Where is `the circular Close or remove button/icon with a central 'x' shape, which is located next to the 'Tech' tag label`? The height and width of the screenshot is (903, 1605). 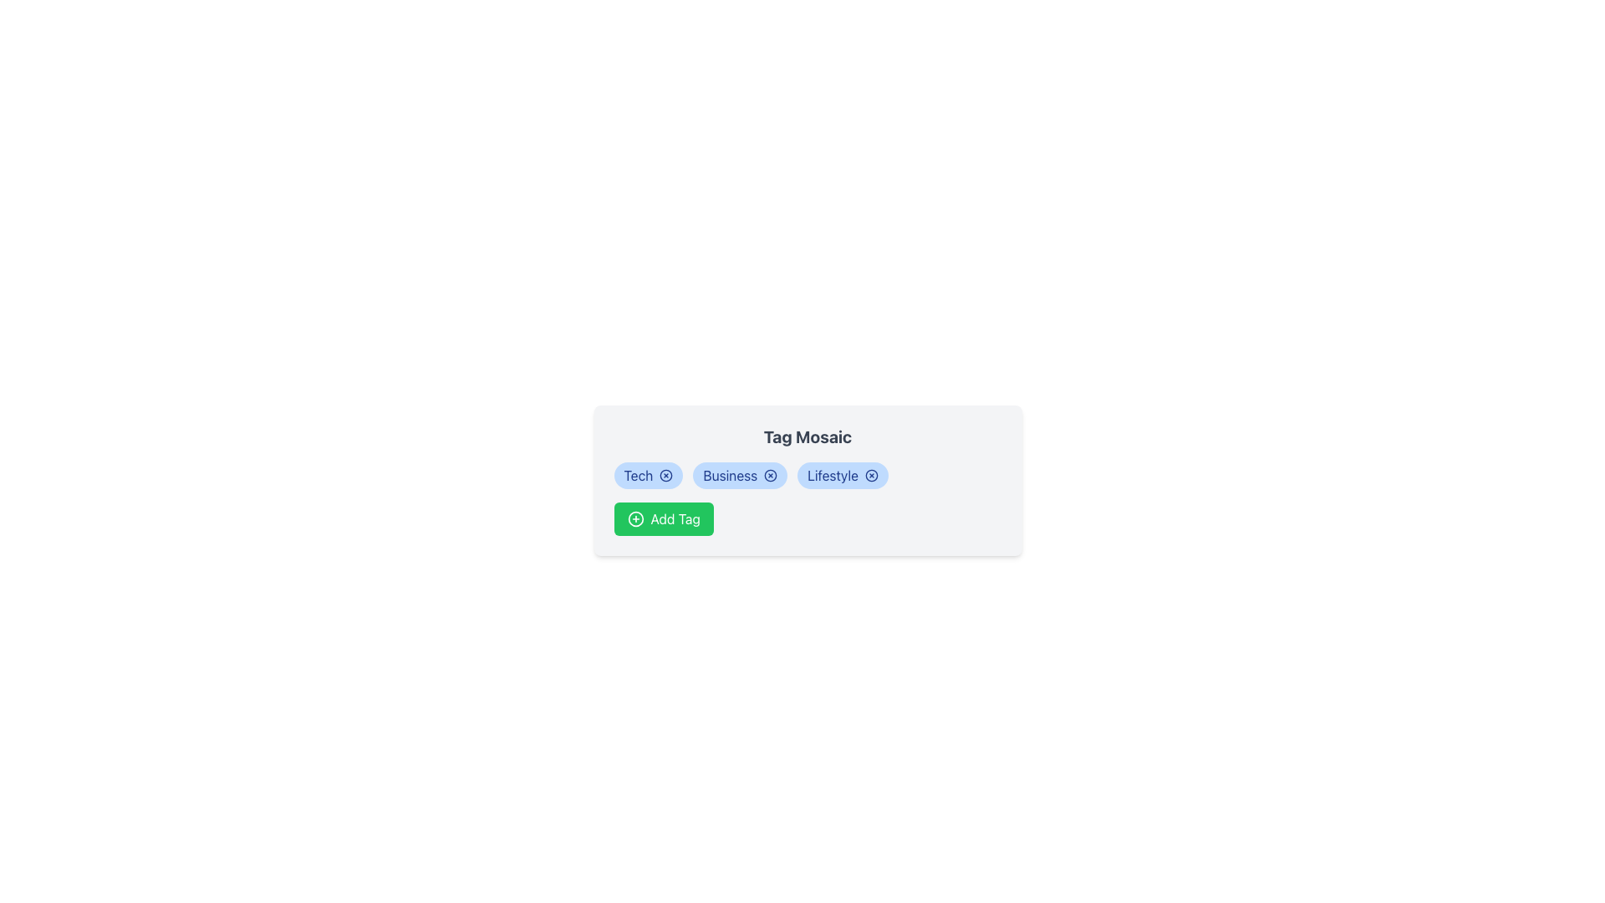
the circular Close or remove button/icon with a central 'x' shape, which is located next to the 'Tech' tag label is located at coordinates (665, 476).